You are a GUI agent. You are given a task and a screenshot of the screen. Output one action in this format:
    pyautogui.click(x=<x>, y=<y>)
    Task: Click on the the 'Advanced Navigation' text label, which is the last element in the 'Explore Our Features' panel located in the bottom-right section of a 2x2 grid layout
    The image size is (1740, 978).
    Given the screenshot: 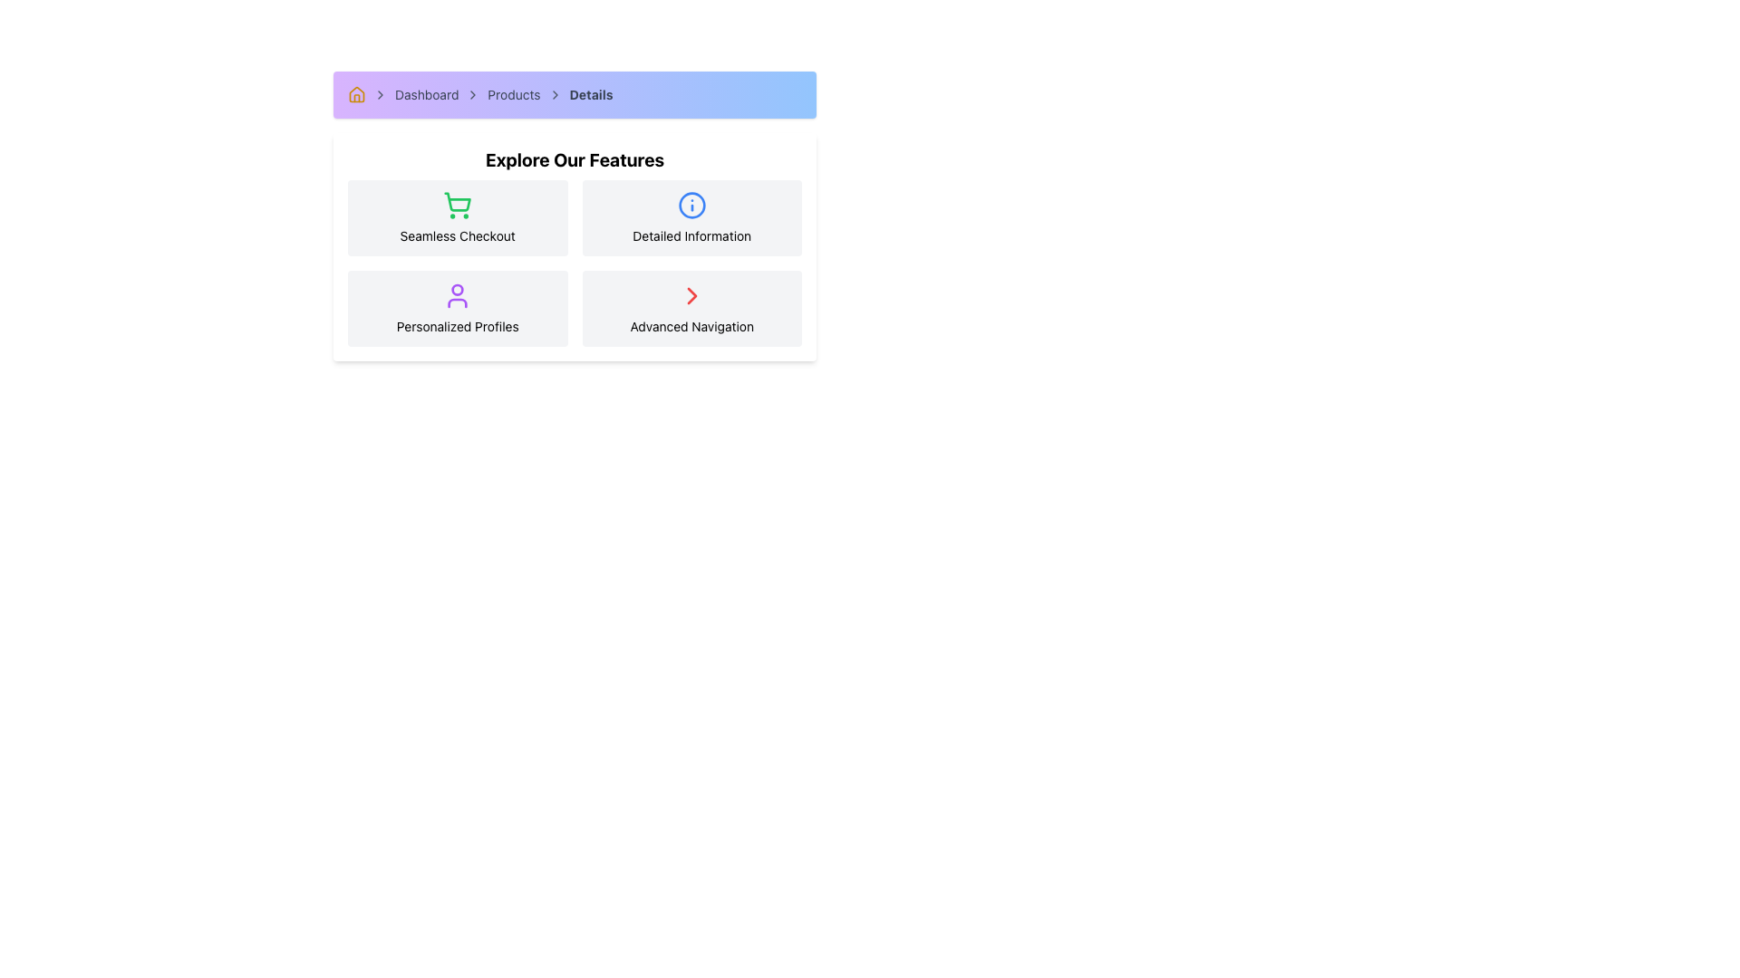 What is the action you would take?
    pyautogui.click(x=691, y=327)
    